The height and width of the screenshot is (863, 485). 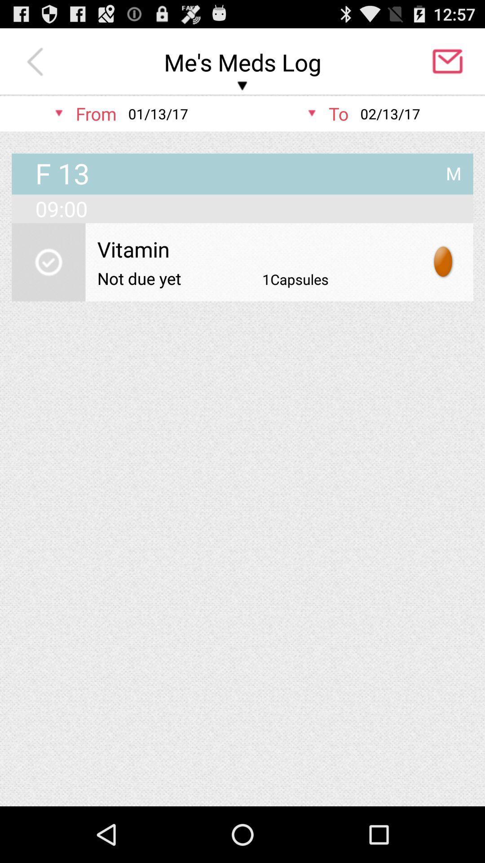 I want to click on 1capsules, so click(x=295, y=279).